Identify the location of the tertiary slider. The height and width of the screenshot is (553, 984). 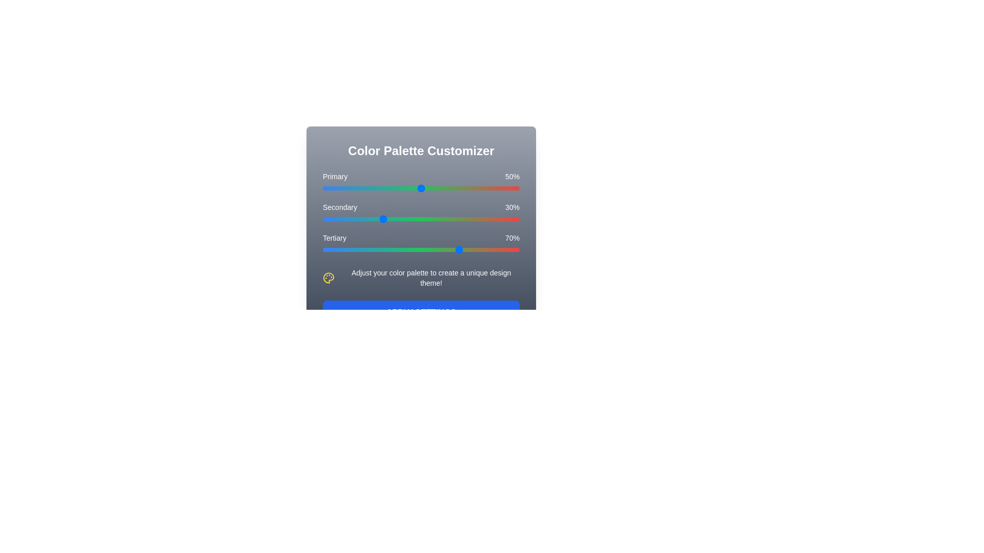
(423, 250).